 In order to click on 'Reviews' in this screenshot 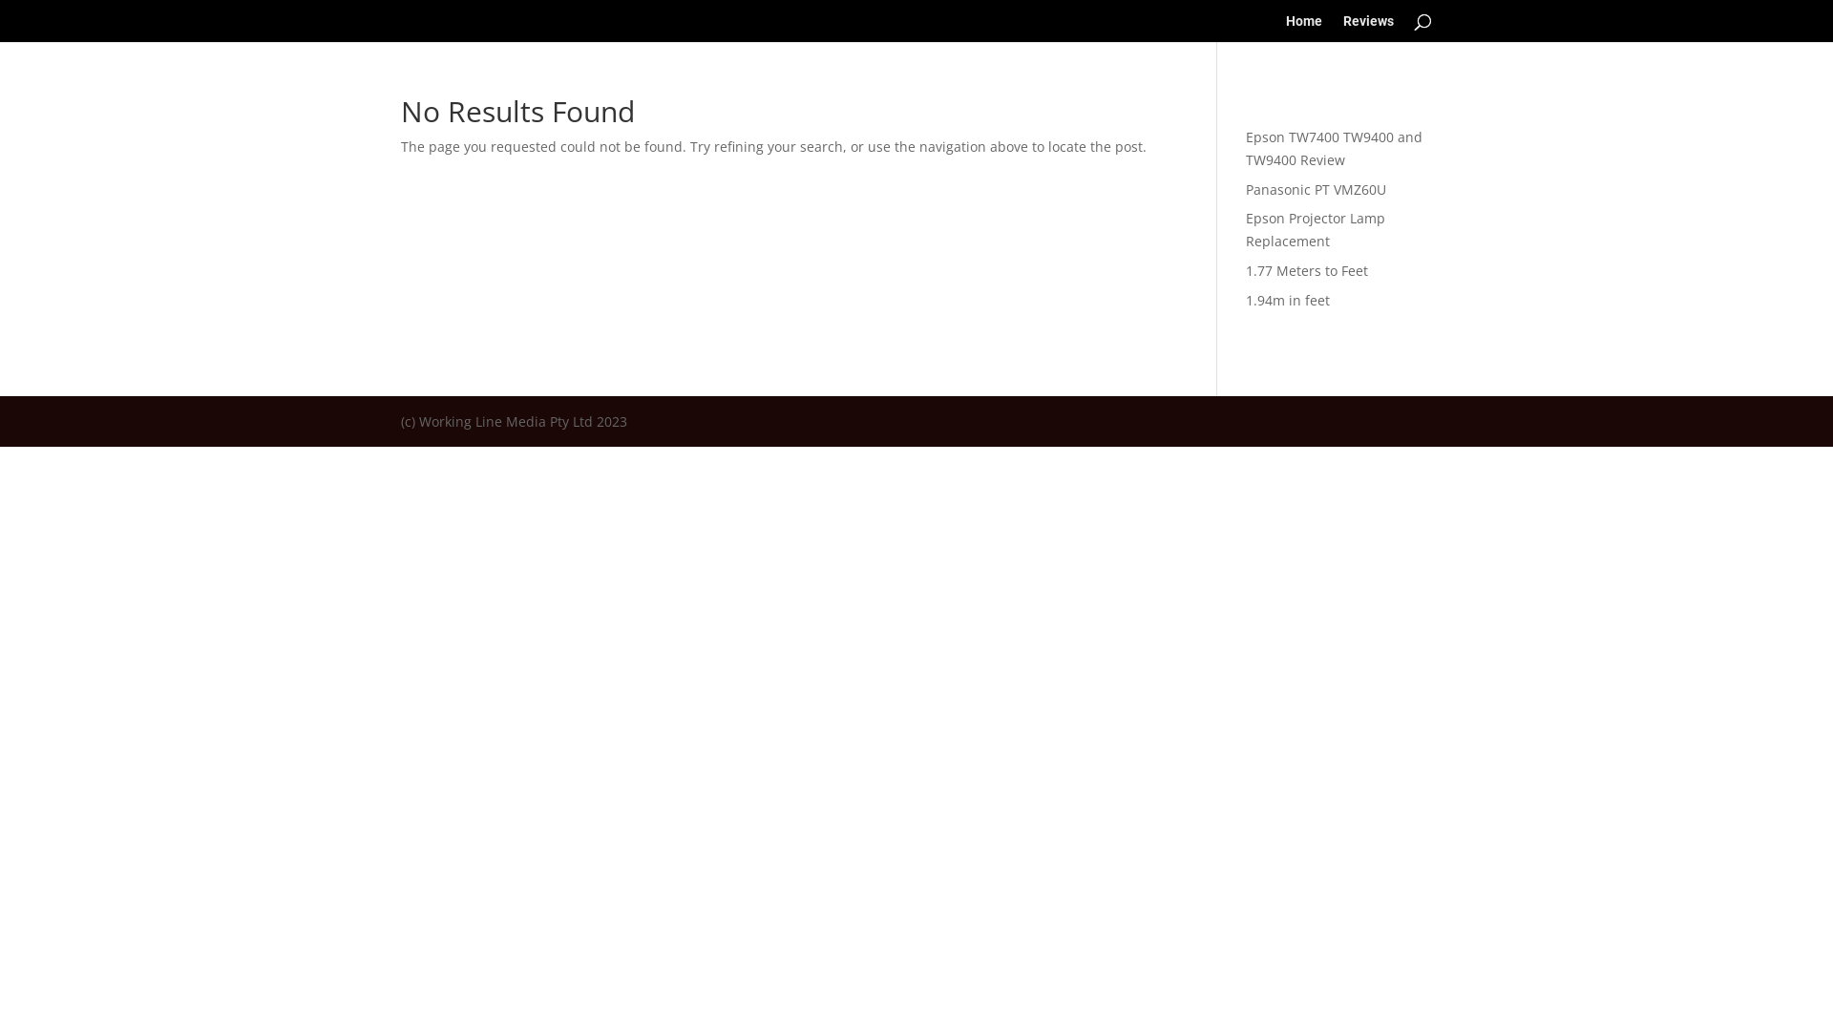, I will do `click(1367, 28)`.